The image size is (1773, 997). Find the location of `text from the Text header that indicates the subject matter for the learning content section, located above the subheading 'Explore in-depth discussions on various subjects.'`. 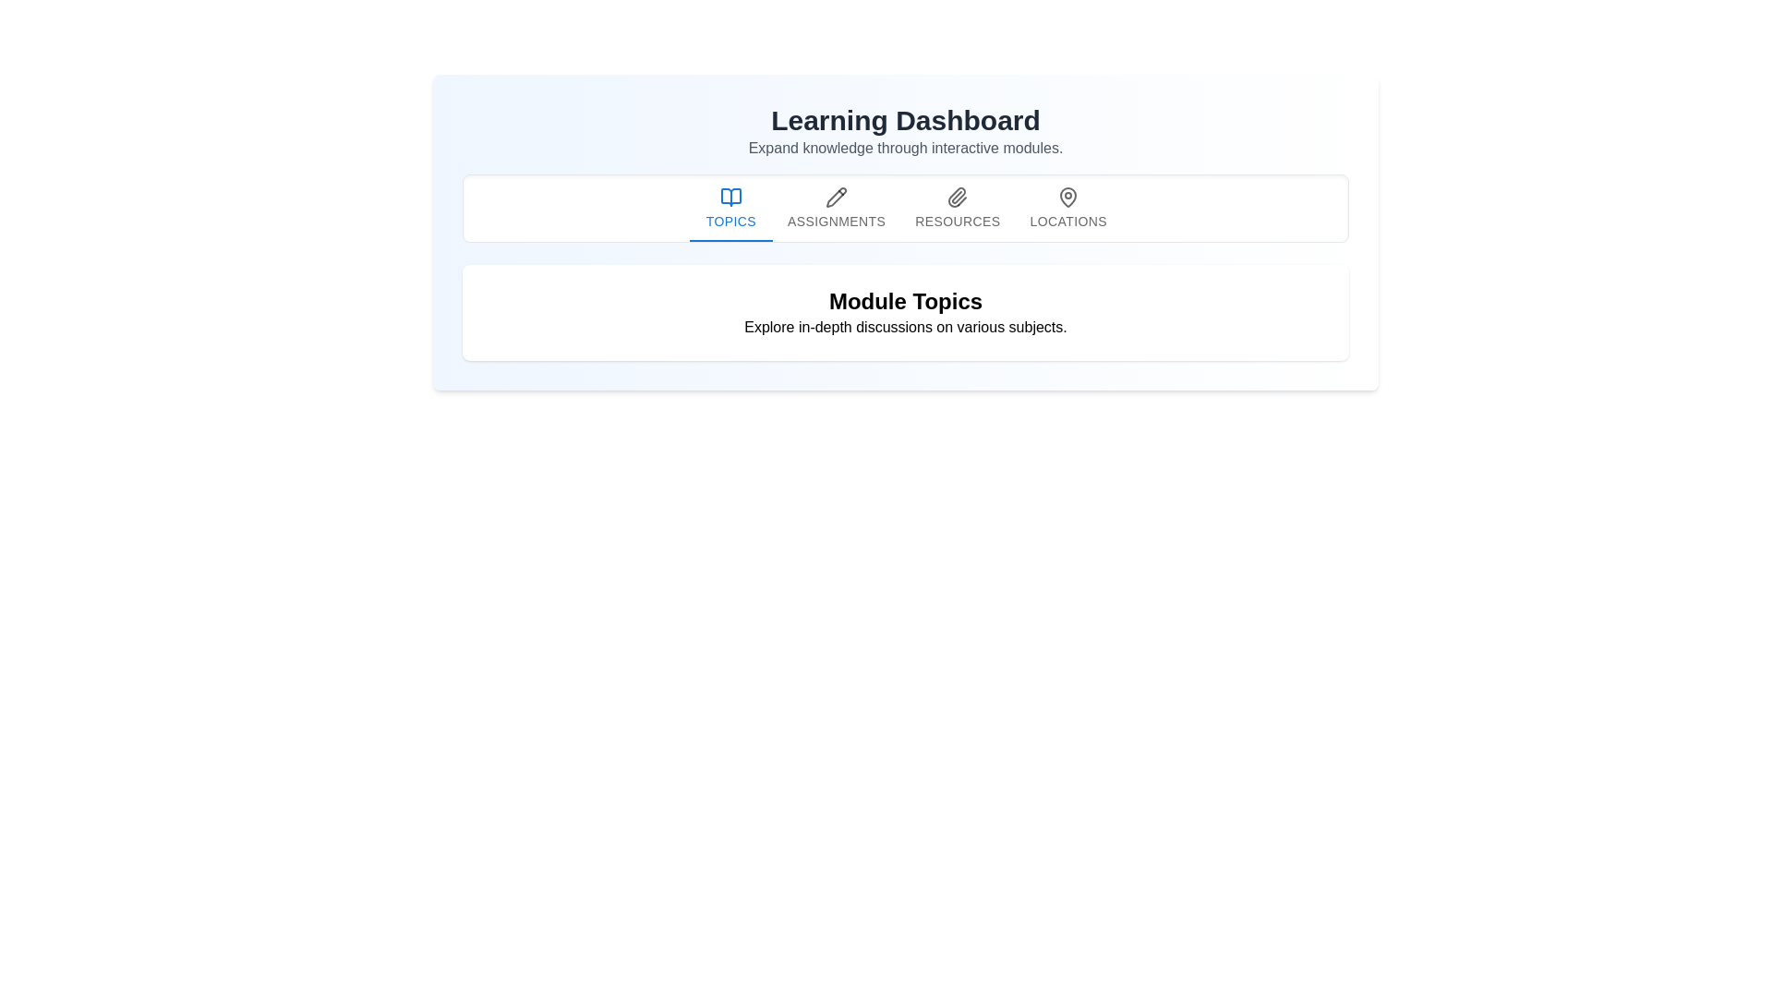

text from the Text header that indicates the subject matter for the learning content section, located above the subheading 'Explore in-depth discussions on various subjects.' is located at coordinates (905, 301).